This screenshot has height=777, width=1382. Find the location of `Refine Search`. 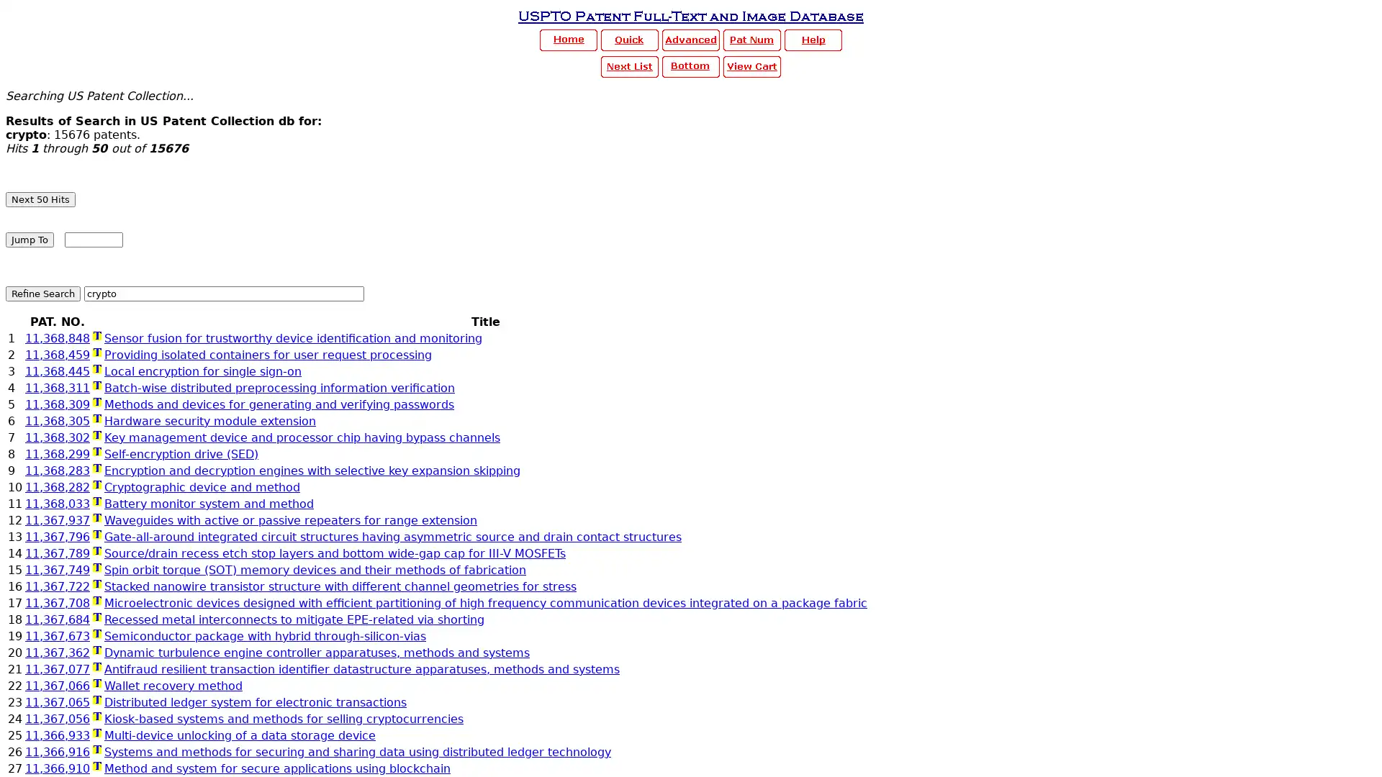

Refine Search is located at coordinates (42, 293).